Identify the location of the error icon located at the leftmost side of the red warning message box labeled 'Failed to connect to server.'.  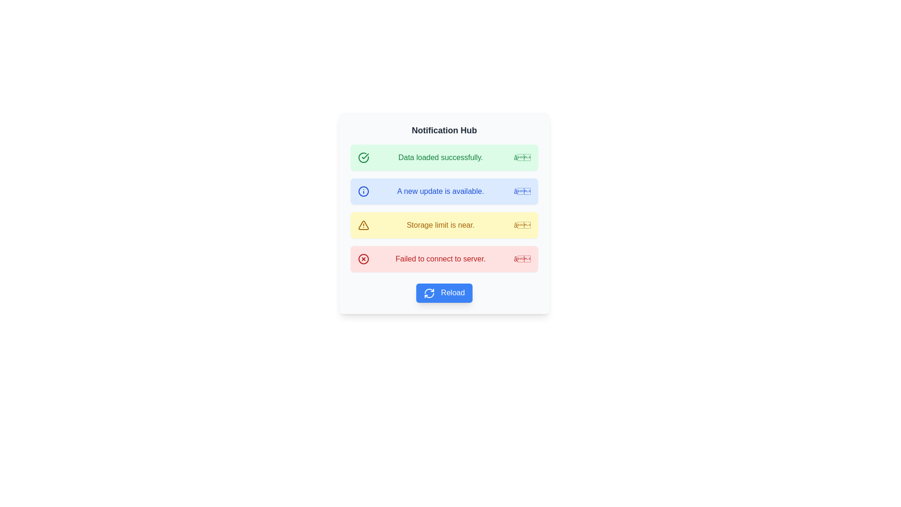
(363, 259).